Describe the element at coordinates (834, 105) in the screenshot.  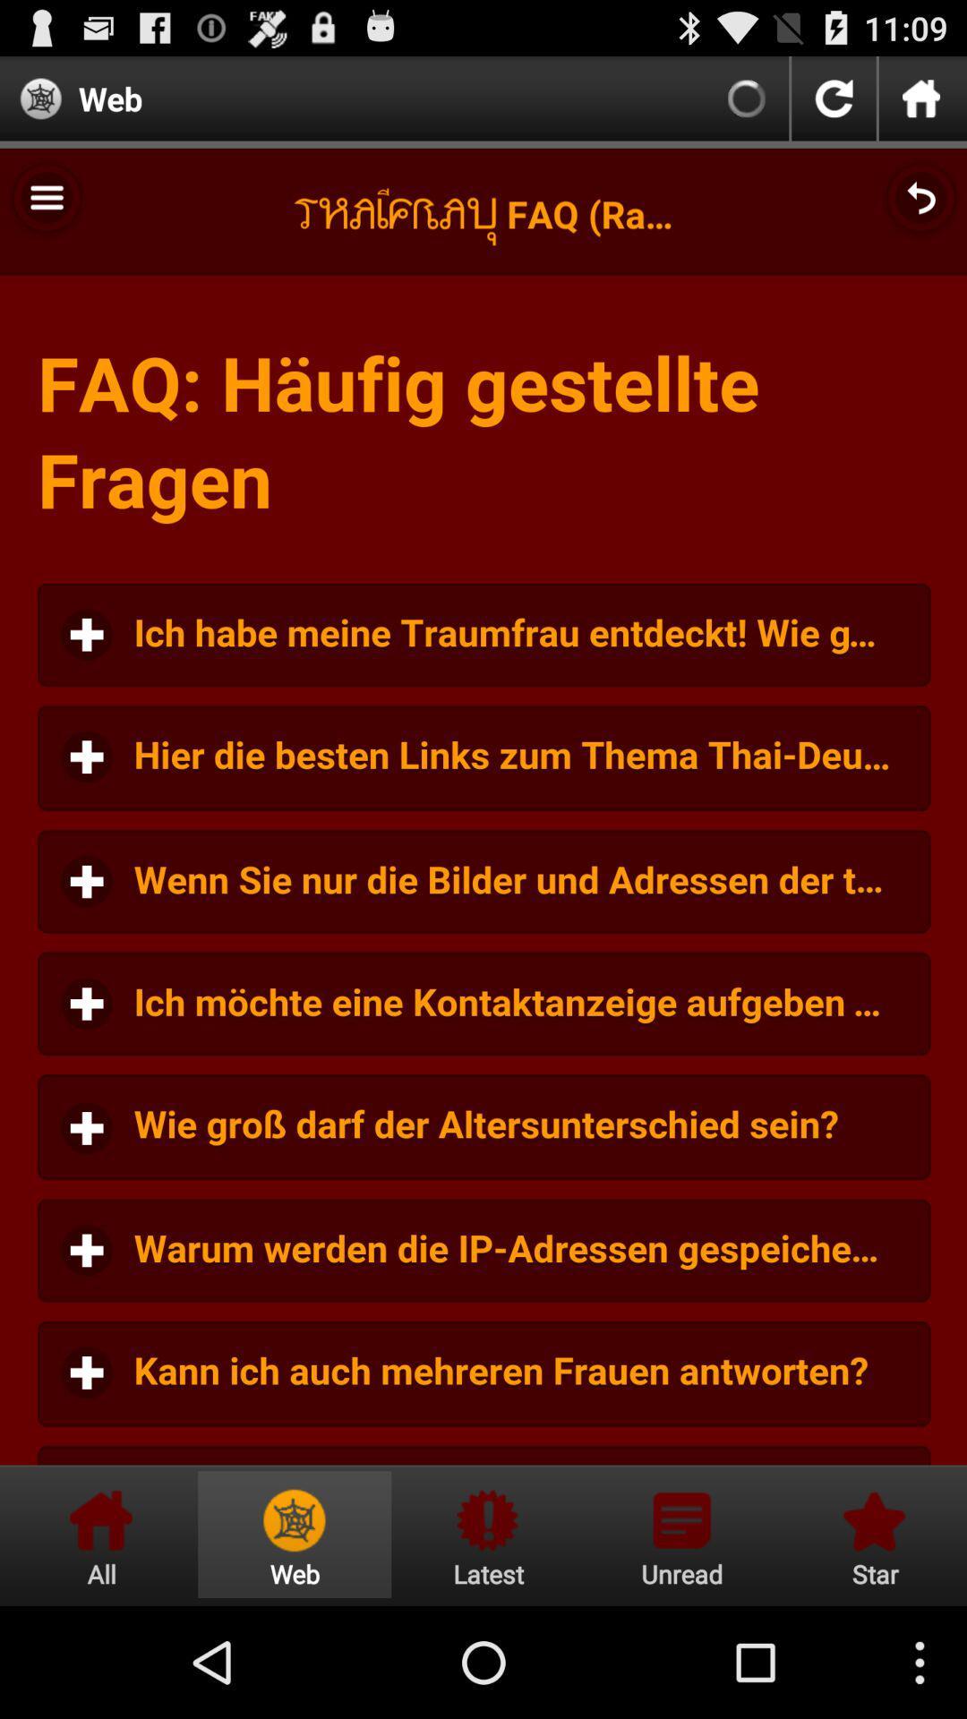
I see `the refresh icon` at that location.